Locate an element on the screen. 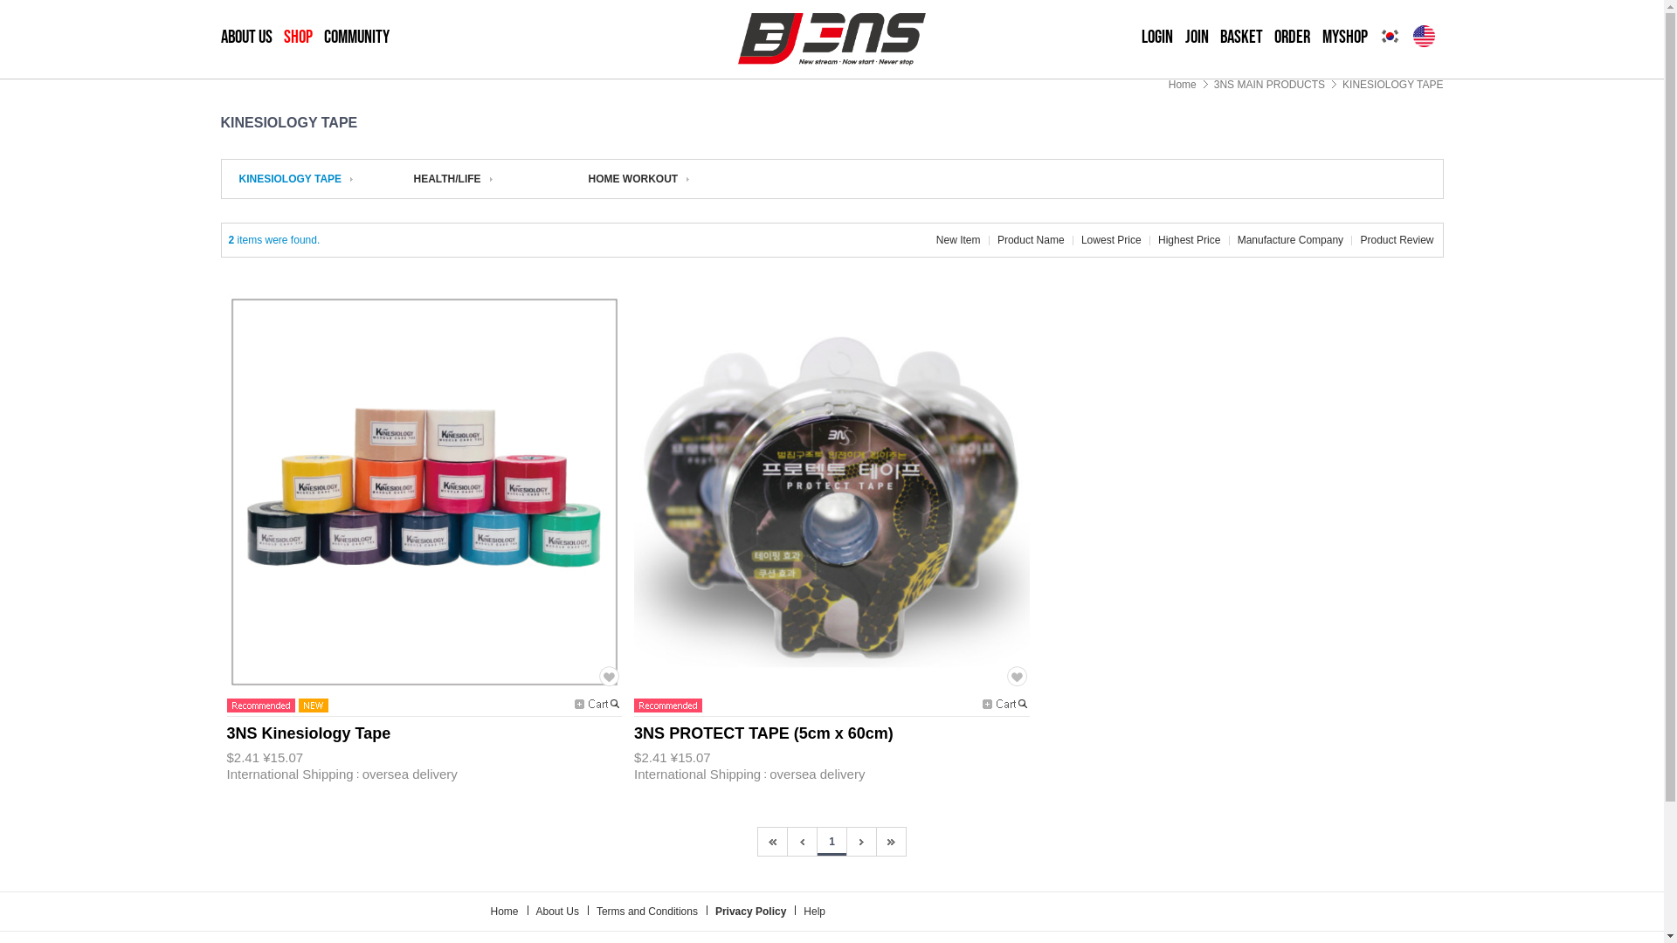 Image resolution: width=1677 pixels, height=943 pixels. 'SHOP' is located at coordinates (298, 37).